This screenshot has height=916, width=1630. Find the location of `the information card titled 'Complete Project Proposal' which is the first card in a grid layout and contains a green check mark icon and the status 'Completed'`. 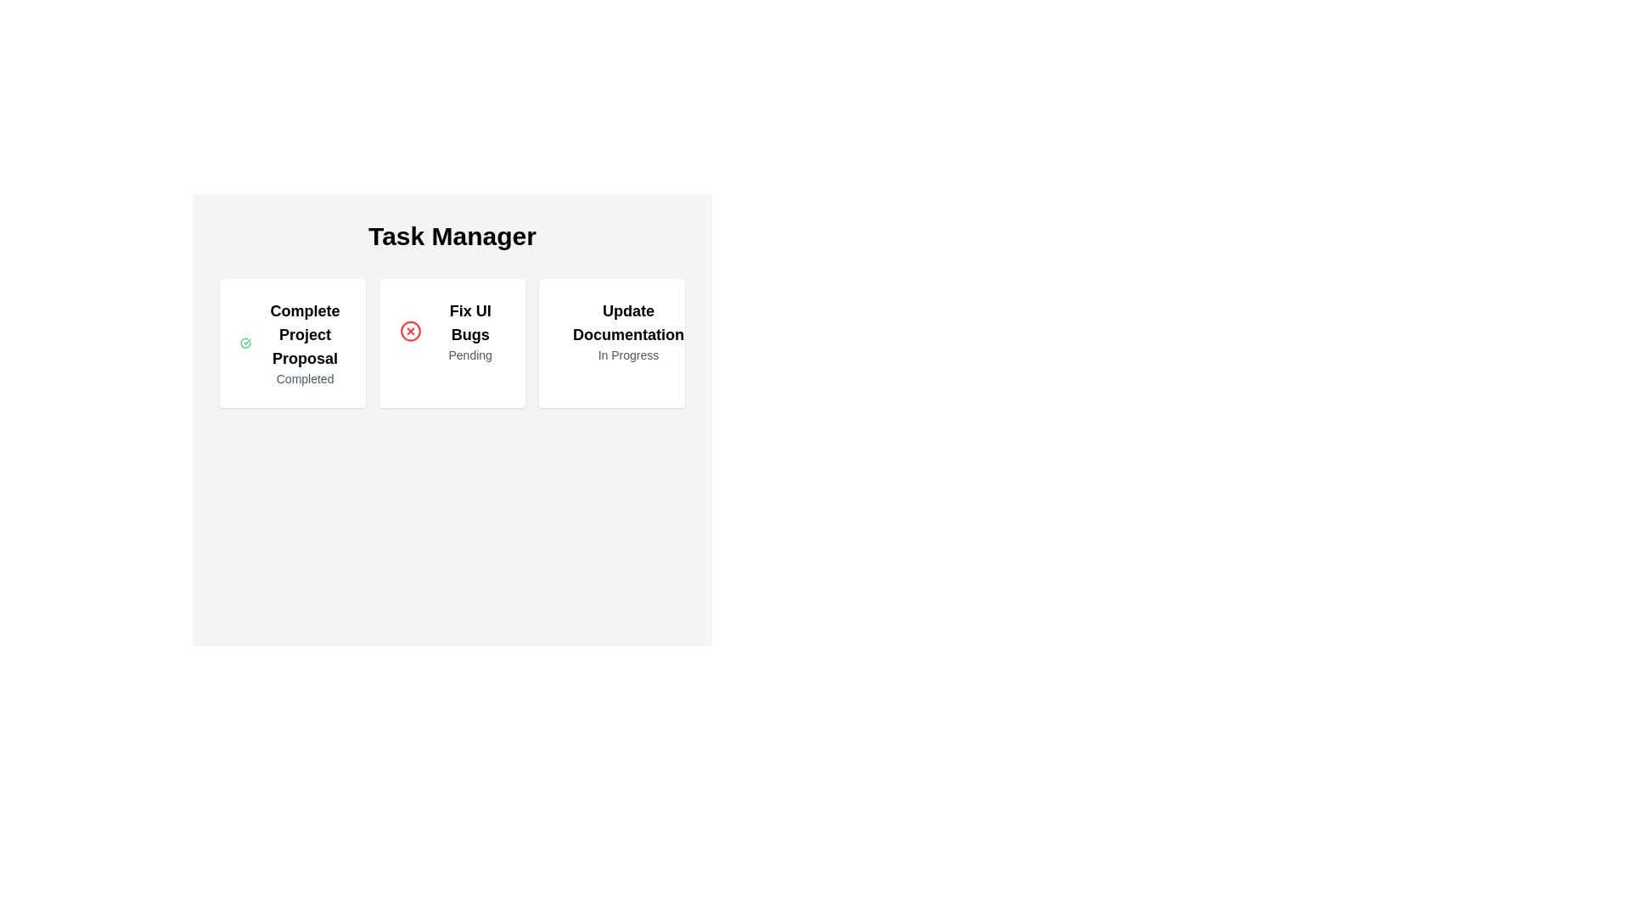

the information card titled 'Complete Project Proposal' which is the first card in a grid layout and contains a green check mark icon and the status 'Completed' is located at coordinates (293, 343).